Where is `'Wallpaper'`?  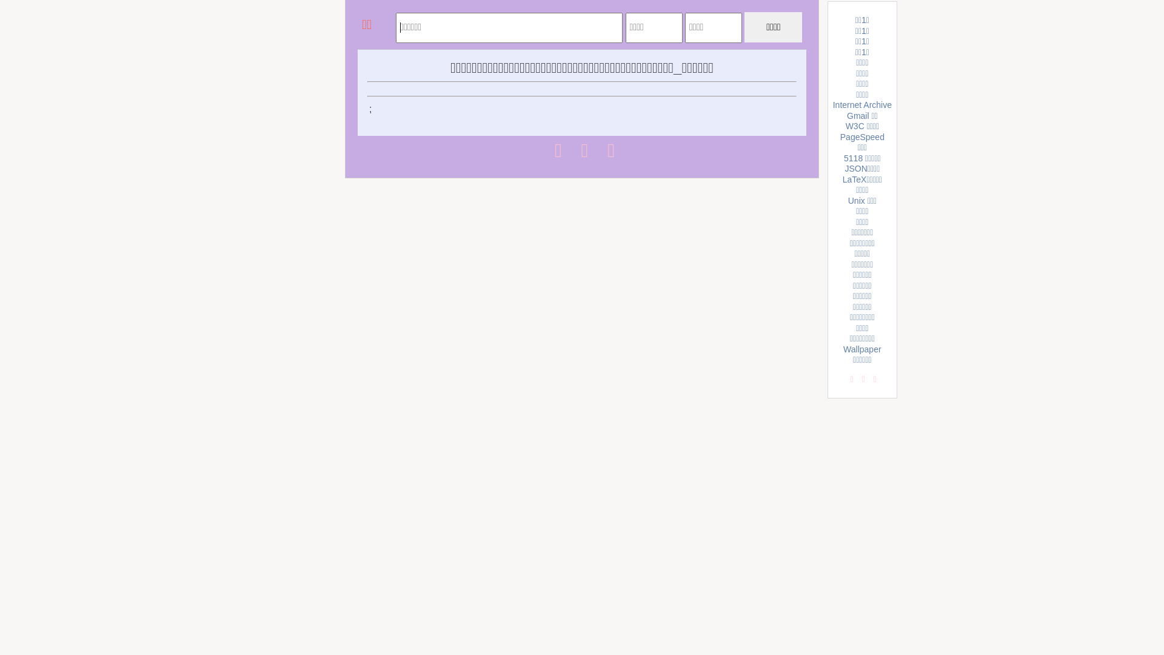 'Wallpaper' is located at coordinates (861, 349).